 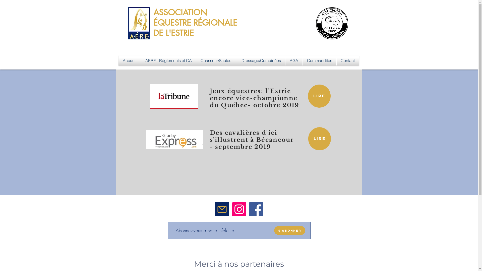 I want to click on 'Chasseur/Sauteur', so click(x=217, y=60).